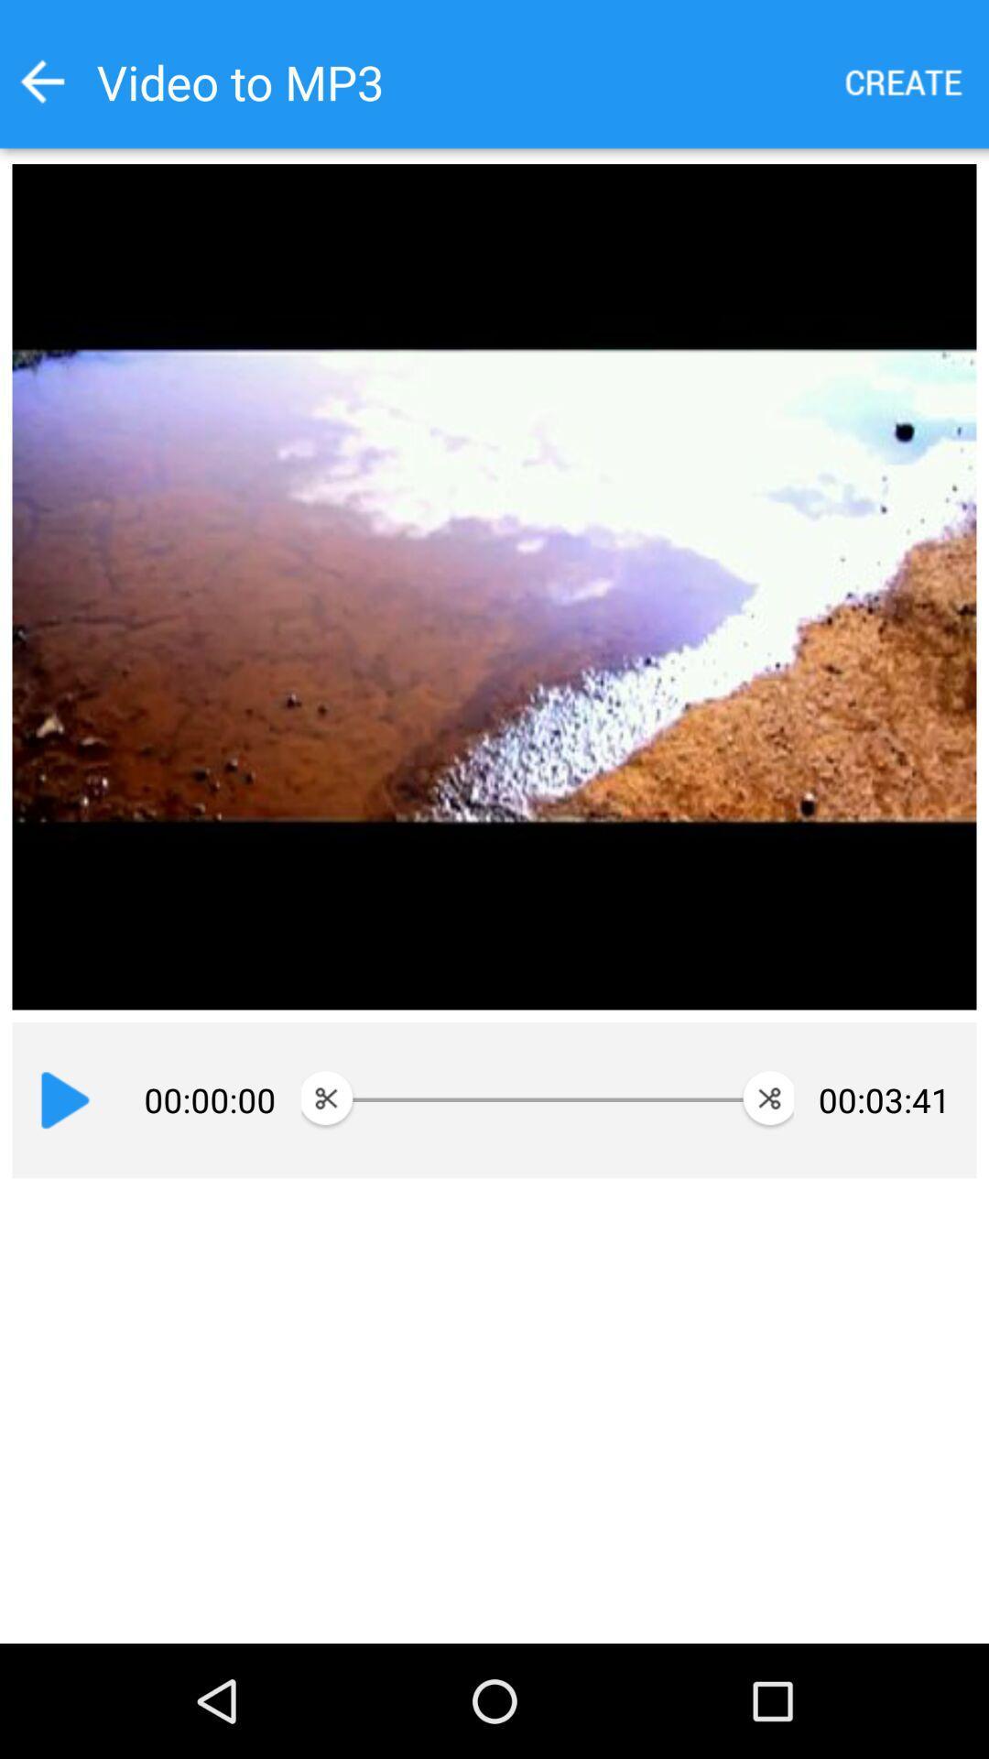 The image size is (989, 1759). What do you see at coordinates (41, 81) in the screenshot?
I see `the item to the left of video to mp3 app` at bounding box center [41, 81].